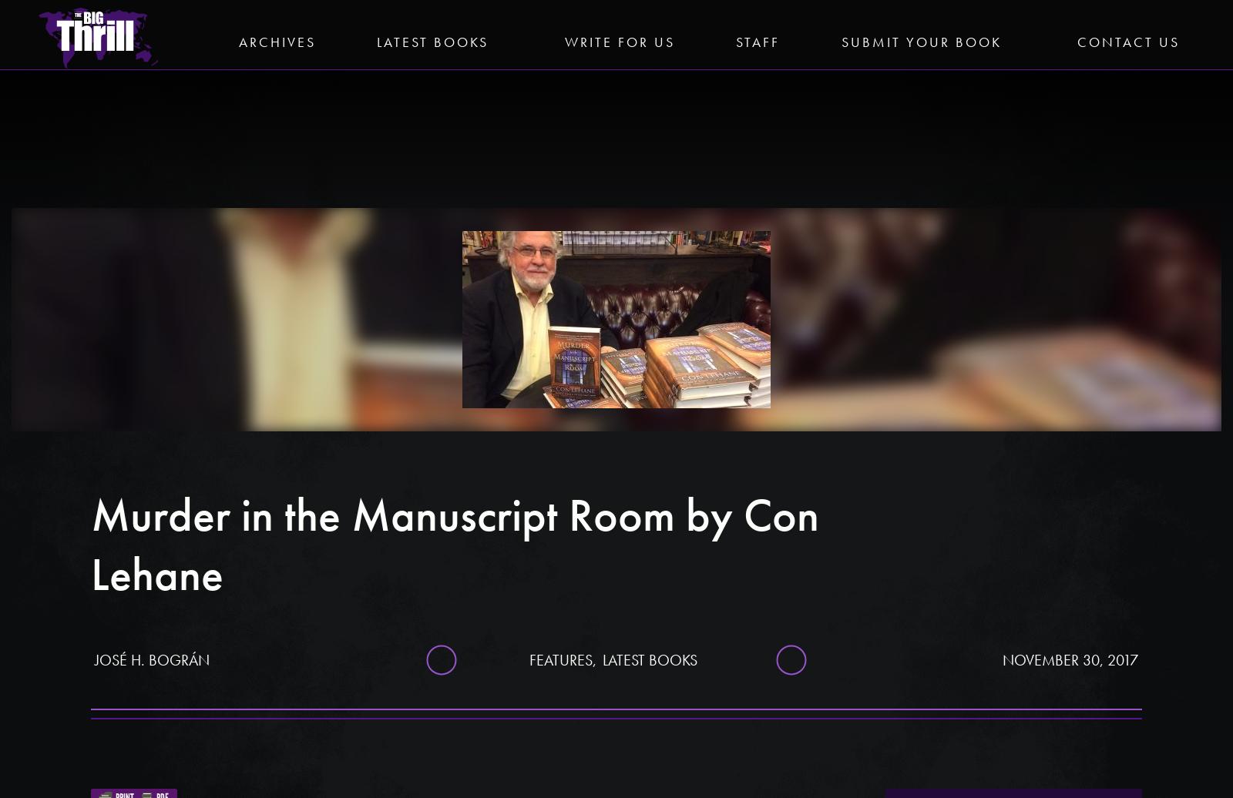  What do you see at coordinates (481, 237) in the screenshot?
I see `'Facebook'` at bounding box center [481, 237].